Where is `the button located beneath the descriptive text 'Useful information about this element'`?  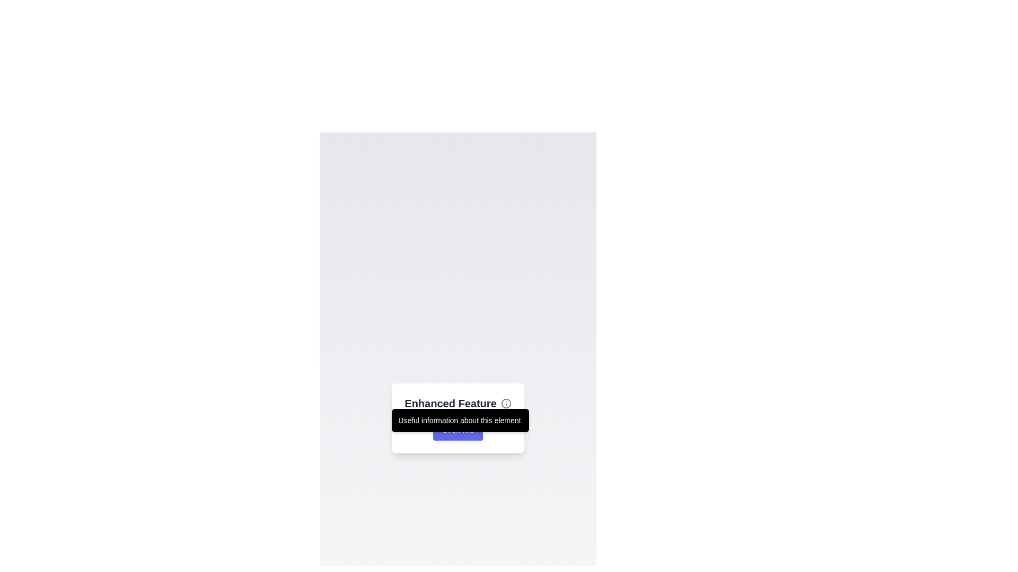
the button located beneath the descriptive text 'Useful information about this element' is located at coordinates (458, 430).